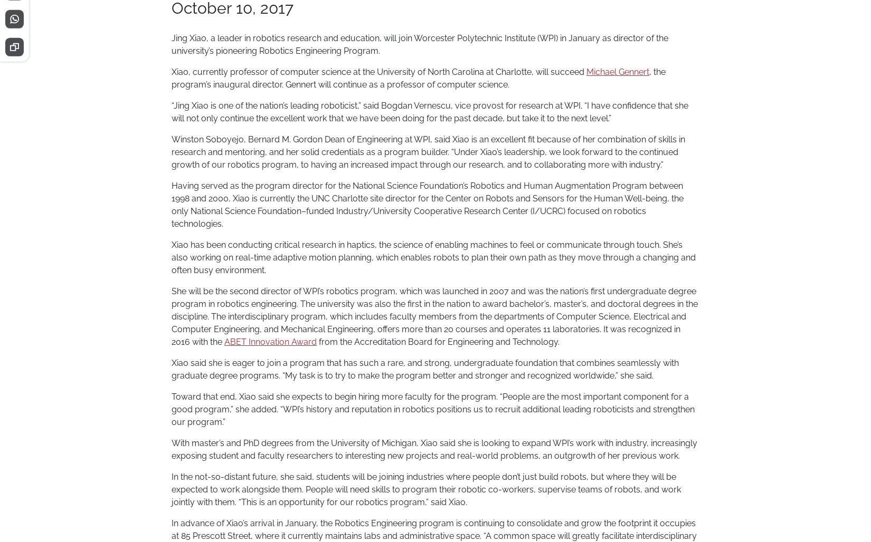 The height and width of the screenshot is (542, 871). What do you see at coordinates (424, 369) in the screenshot?
I see `'Xiao said she is eager to join a program that has such a rare, and strong, undergraduate foundation that combines seamlessly with graduate degree programs. “My task is to try to make the program better and stronger and recognized worldwide,” she said.'` at bounding box center [424, 369].